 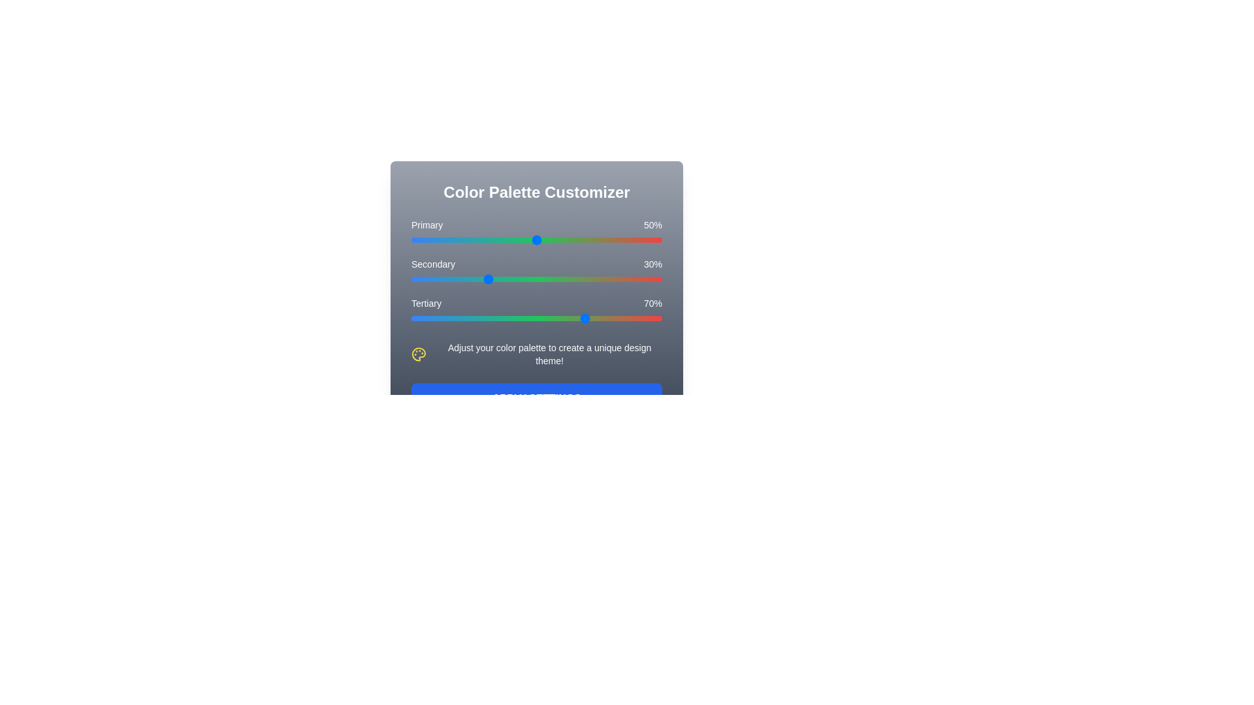 I want to click on the rectangular 'Apply Settings' button with a blue background located at the bottom of the 'Color Palette Customizer' section to trigger a visual effect, so click(x=536, y=398).